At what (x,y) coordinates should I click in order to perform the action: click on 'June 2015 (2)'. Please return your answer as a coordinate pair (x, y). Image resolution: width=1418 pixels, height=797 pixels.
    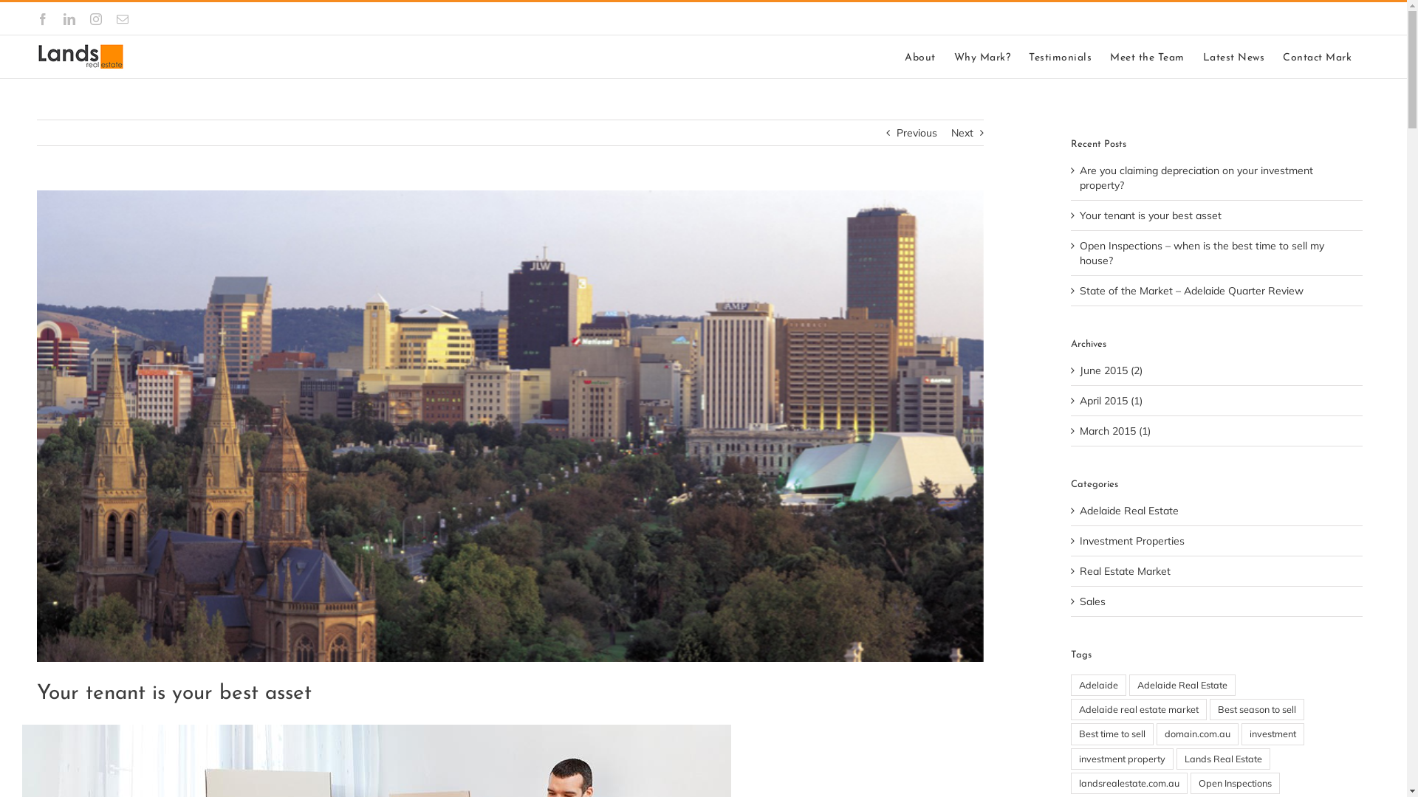
    Looking at the image, I should click on (1080, 369).